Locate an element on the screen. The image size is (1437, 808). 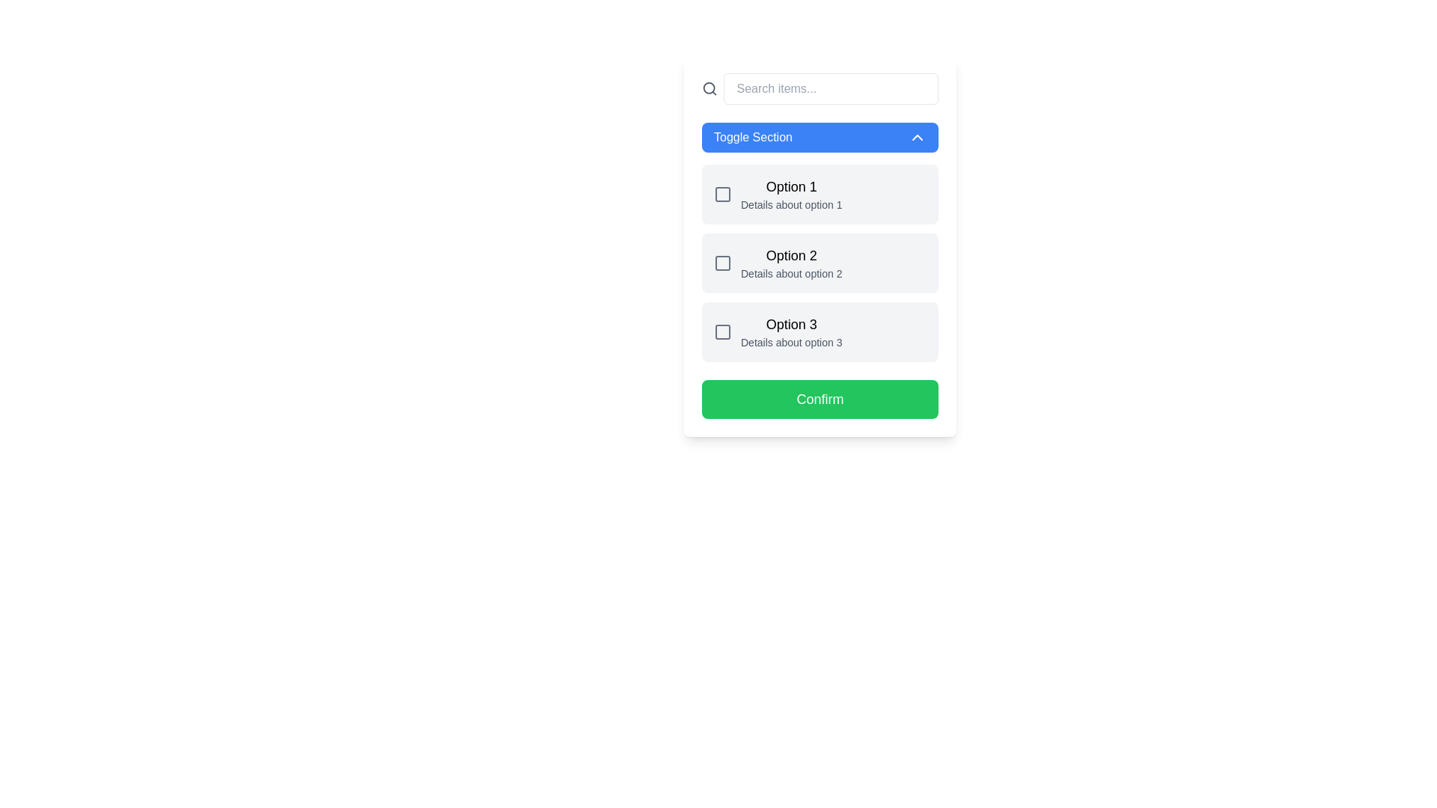
the Chevron icon located at the rightmost end of the 'Toggle Section' button is located at coordinates (916, 138).